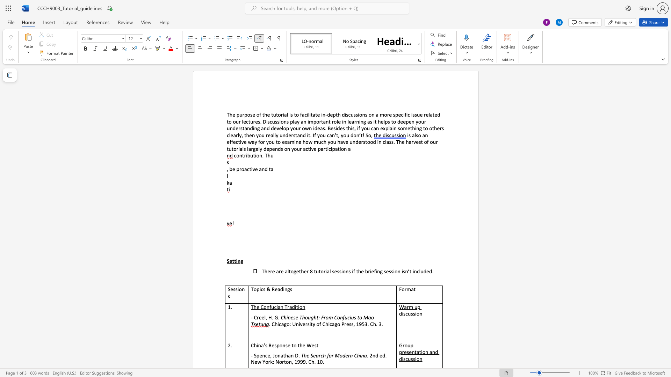  What do you see at coordinates (250, 169) in the screenshot?
I see `the 1th character "t" in the text` at bounding box center [250, 169].